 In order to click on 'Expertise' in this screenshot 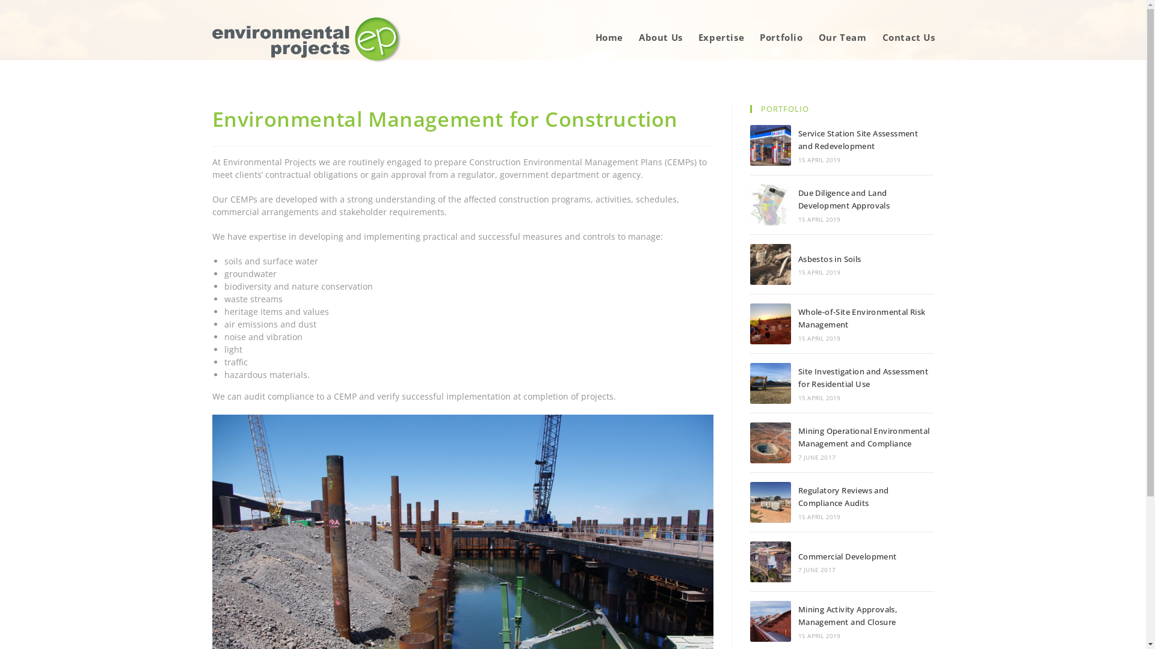, I will do `click(721, 37)`.